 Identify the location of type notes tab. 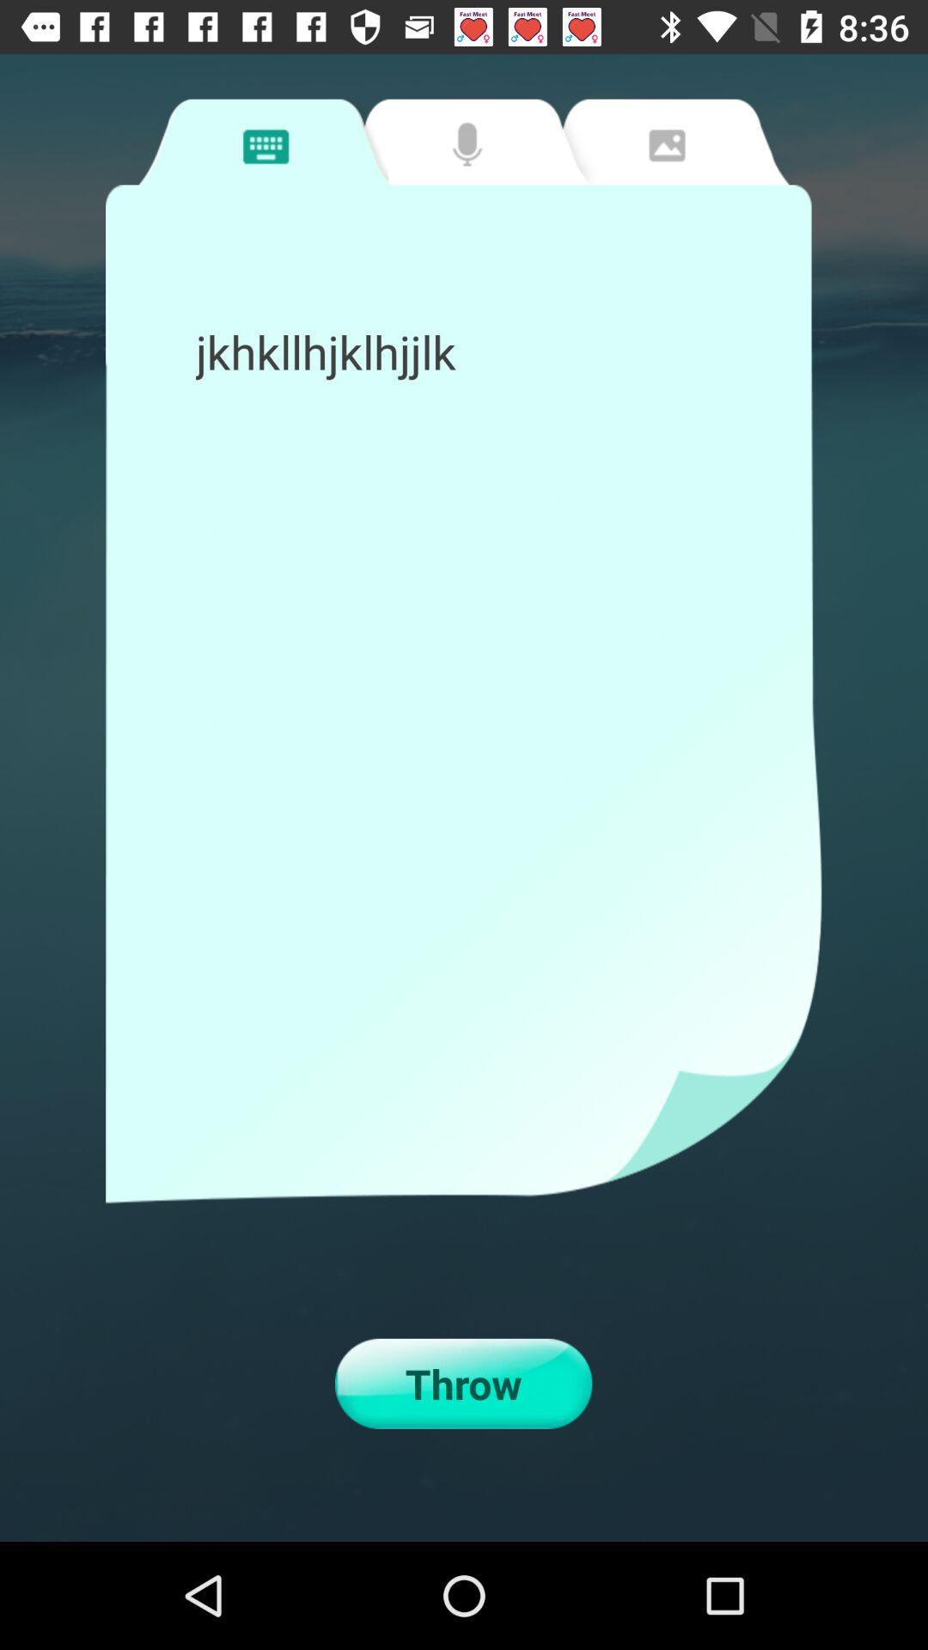
(263, 142).